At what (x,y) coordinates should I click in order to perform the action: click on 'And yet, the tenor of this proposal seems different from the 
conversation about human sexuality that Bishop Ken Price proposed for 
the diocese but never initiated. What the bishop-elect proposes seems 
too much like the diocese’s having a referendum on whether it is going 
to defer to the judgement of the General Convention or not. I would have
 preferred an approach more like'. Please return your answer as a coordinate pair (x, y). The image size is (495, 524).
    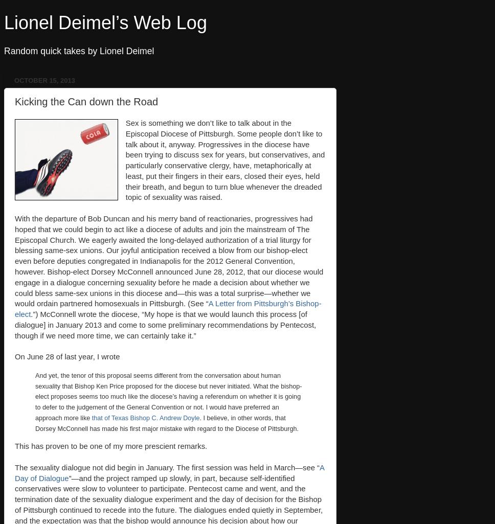
    Looking at the image, I should click on (35, 396).